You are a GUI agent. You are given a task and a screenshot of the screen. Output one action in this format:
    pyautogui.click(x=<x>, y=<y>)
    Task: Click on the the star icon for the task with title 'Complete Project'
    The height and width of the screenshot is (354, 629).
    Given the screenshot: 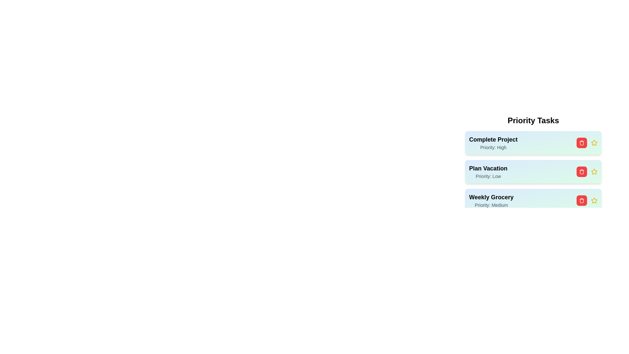 What is the action you would take?
    pyautogui.click(x=594, y=142)
    